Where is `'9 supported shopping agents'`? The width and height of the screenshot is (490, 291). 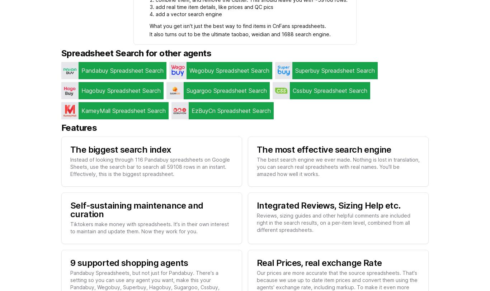
'9 supported shopping agents' is located at coordinates (128, 262).